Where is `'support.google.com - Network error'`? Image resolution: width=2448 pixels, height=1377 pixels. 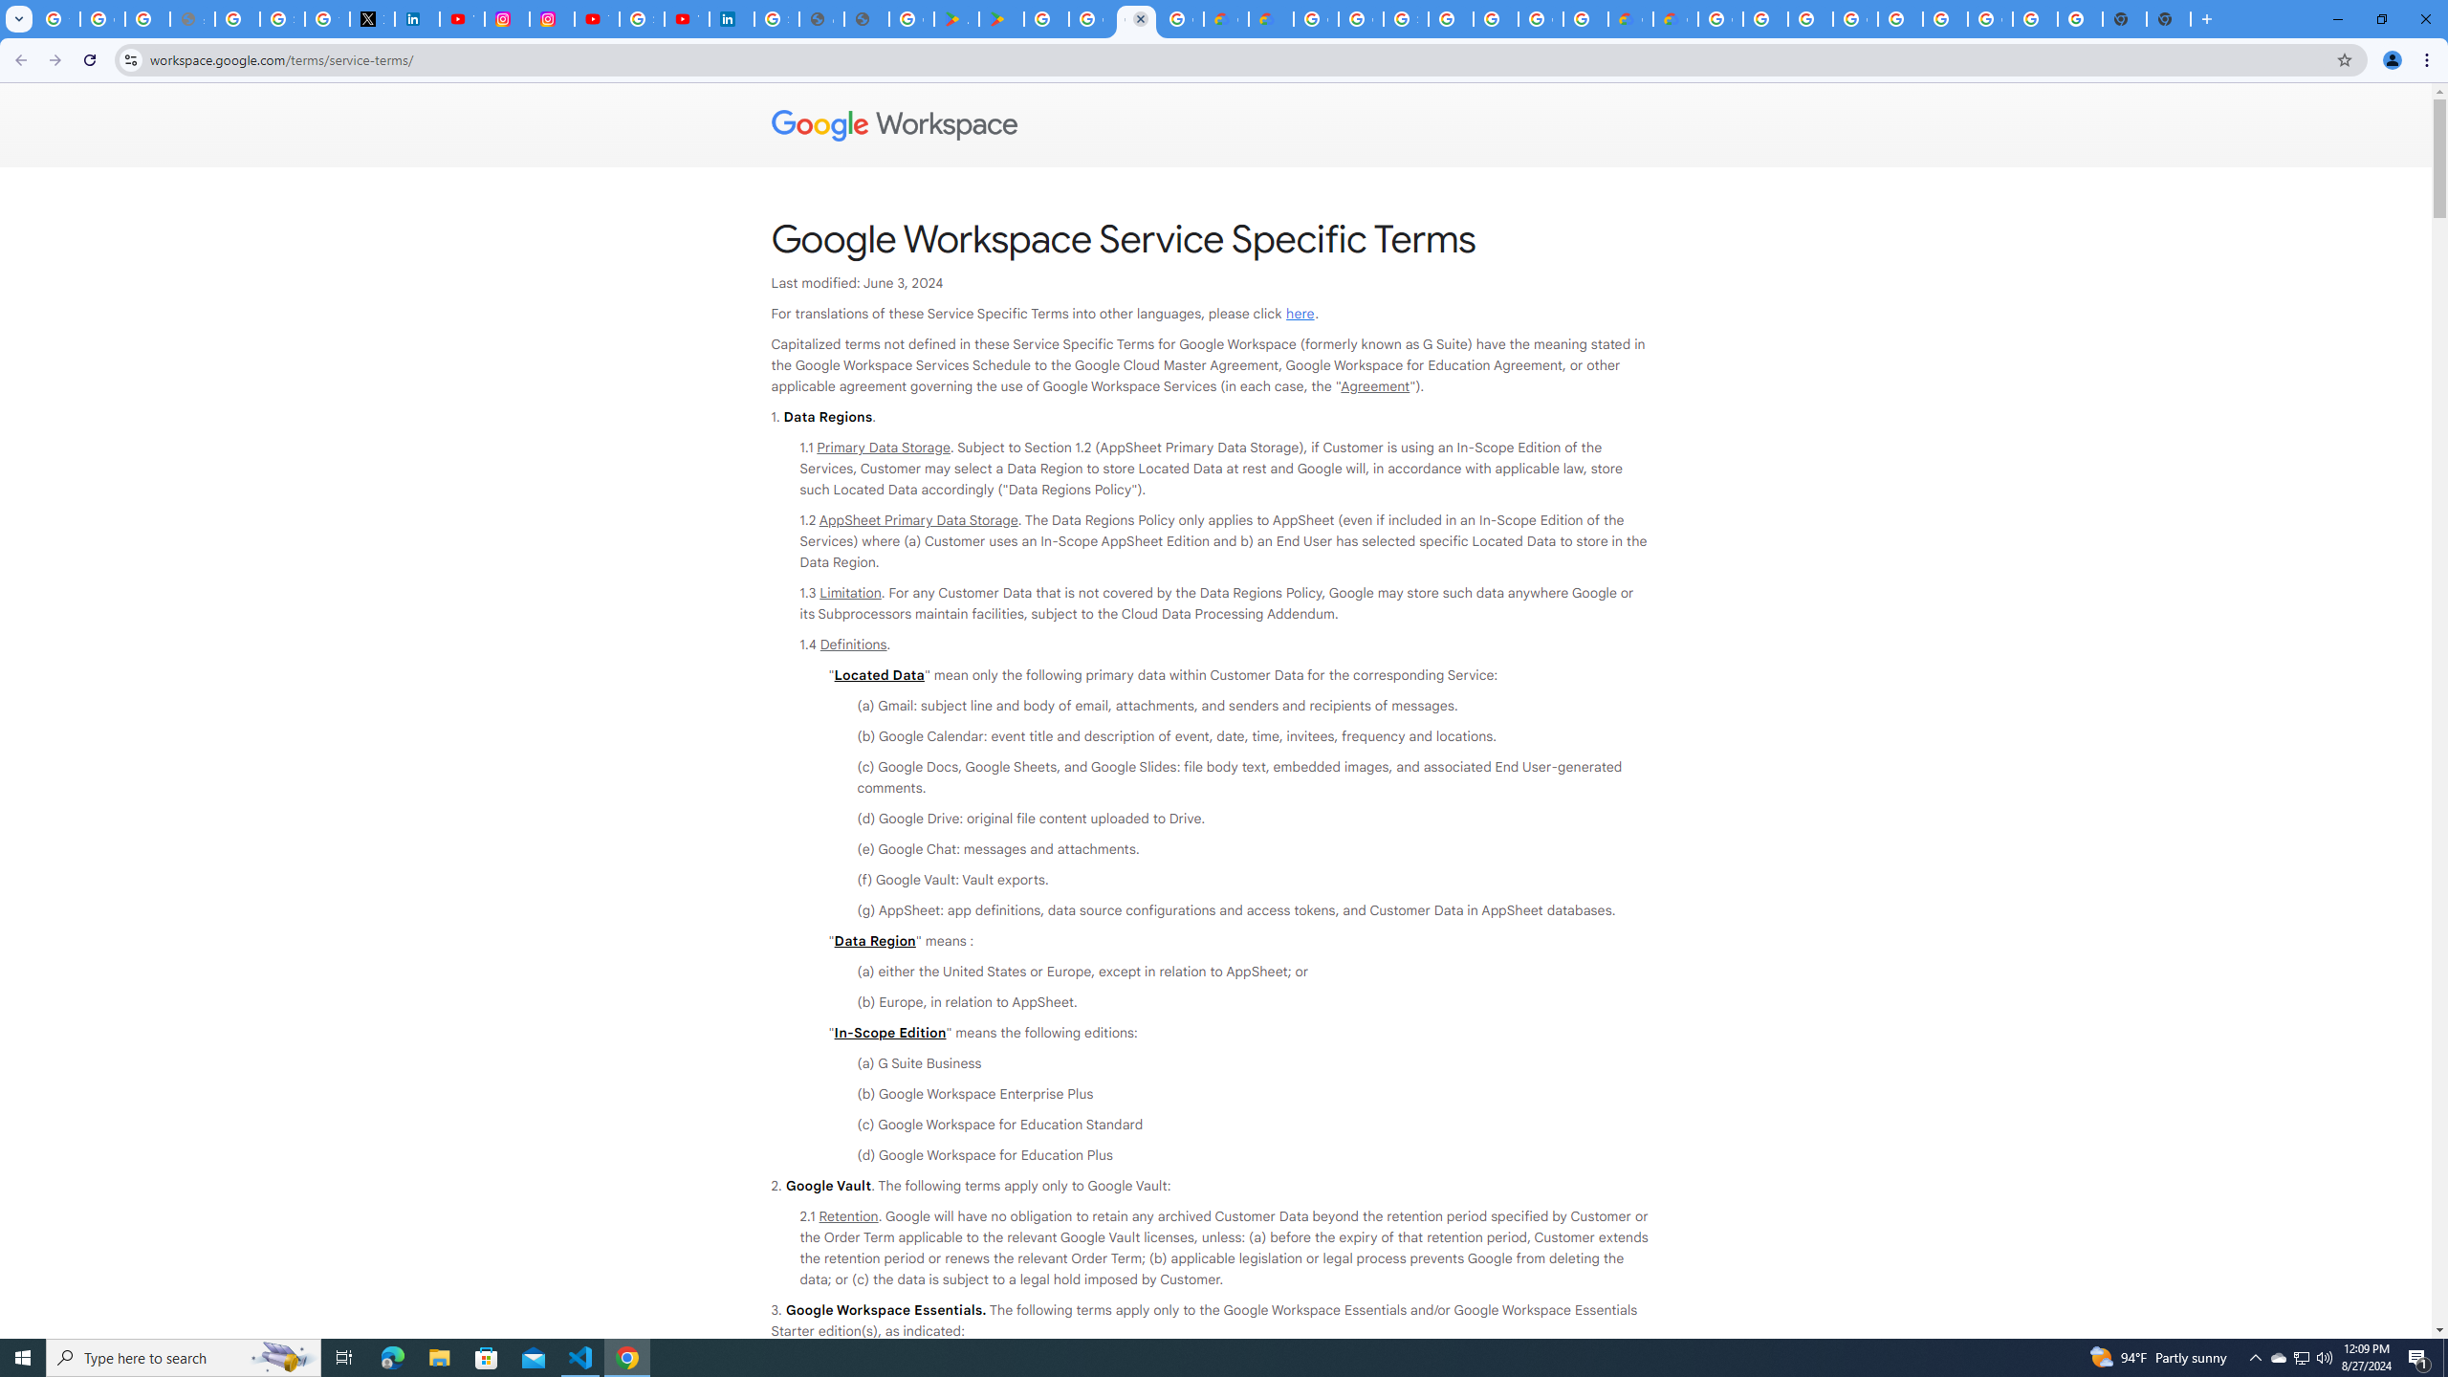
'support.google.com - Network error' is located at coordinates (190, 18).